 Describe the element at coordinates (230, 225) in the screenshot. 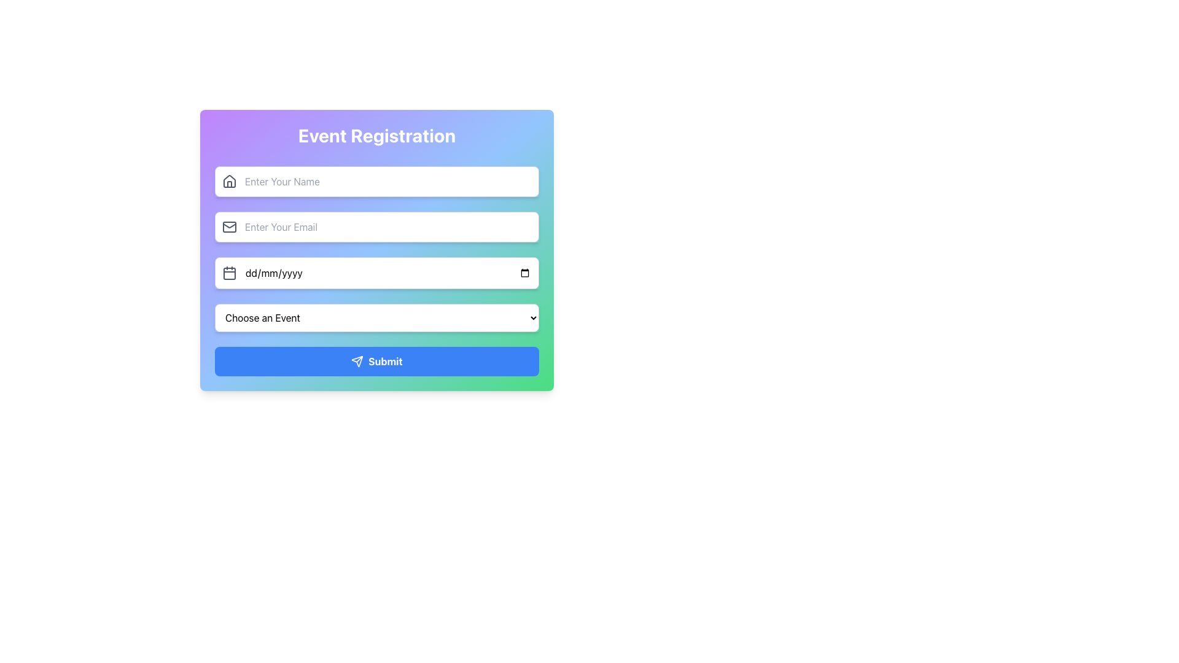

I see `top line of the envelope icon in the SVG component adjacent to the email input field using developer tools` at that location.